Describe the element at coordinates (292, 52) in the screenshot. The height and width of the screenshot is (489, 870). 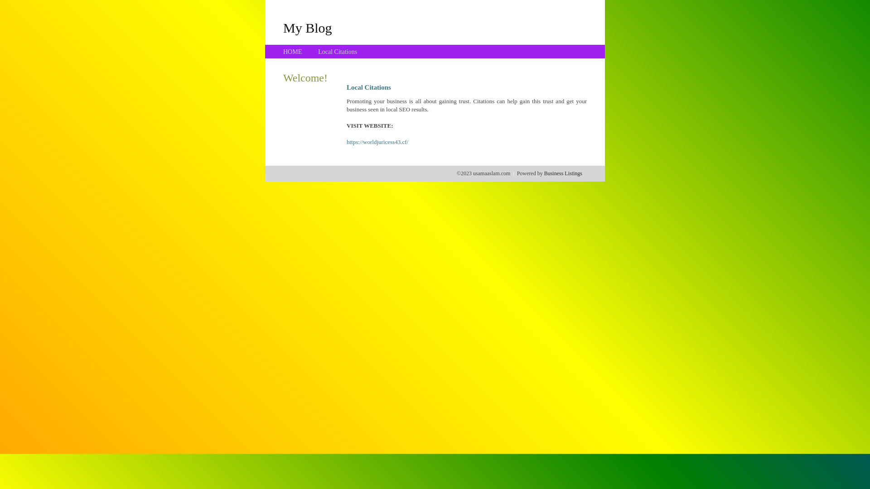
I see `'HOME'` at that location.